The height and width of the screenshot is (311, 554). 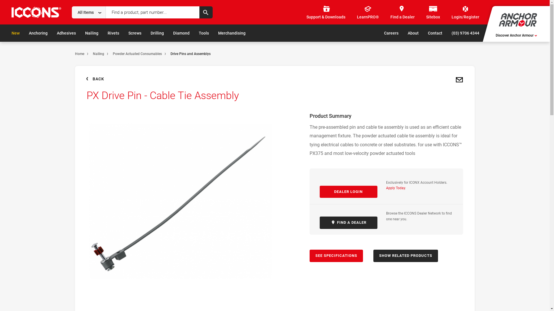 I want to click on 'Discover Anchor Armour', so click(x=516, y=35).